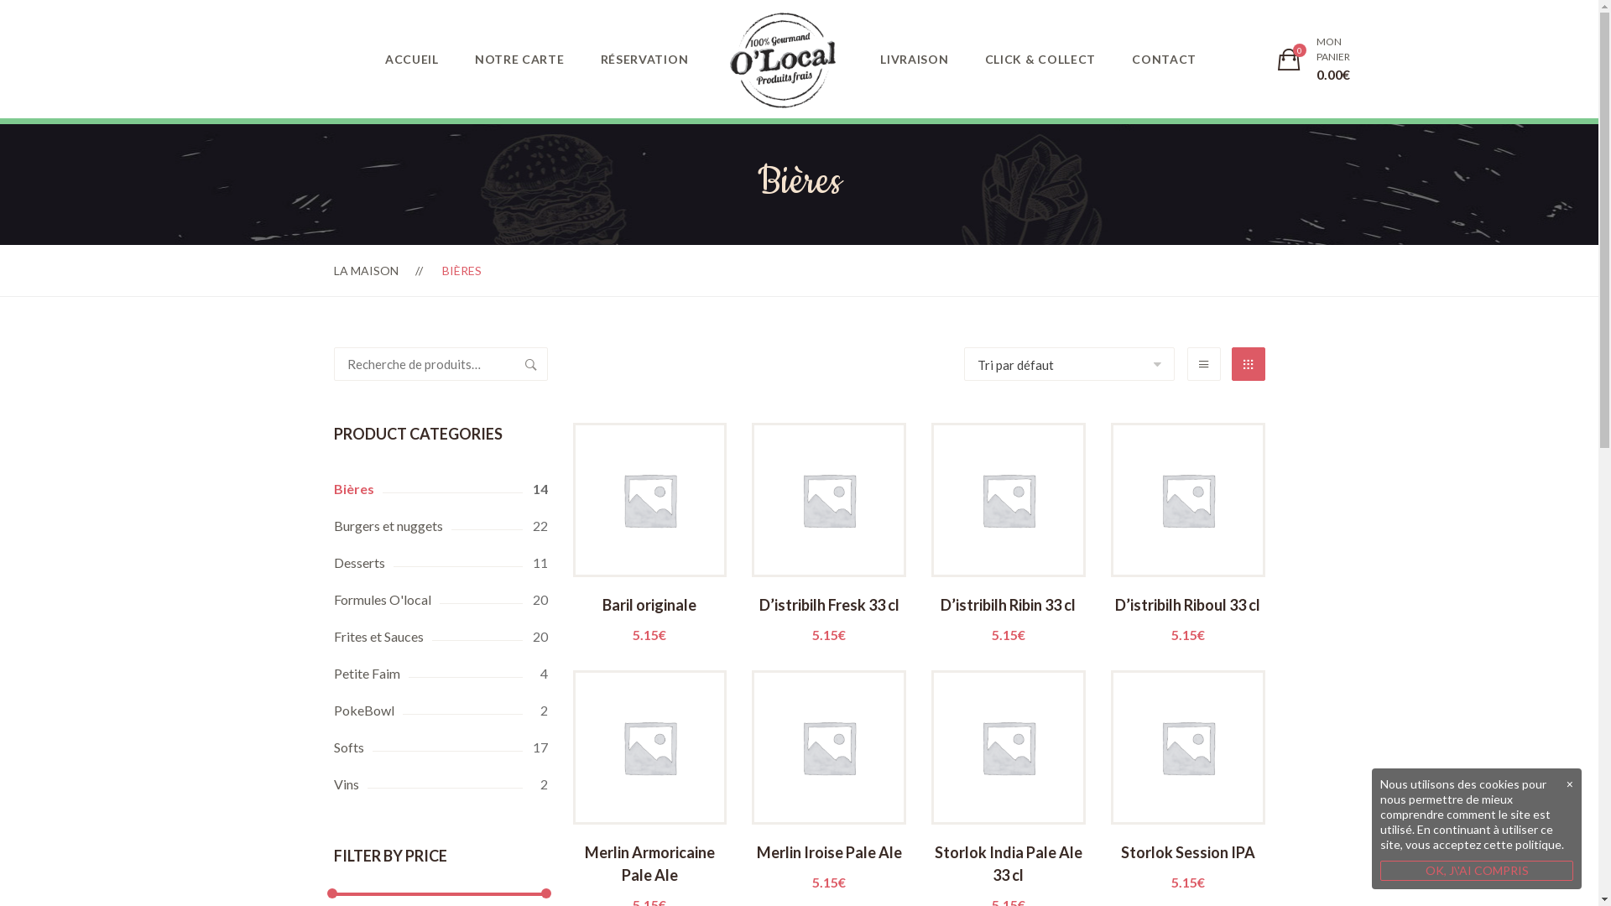 This screenshot has width=1611, height=906. I want to click on 'Formules O'local', so click(441, 598).